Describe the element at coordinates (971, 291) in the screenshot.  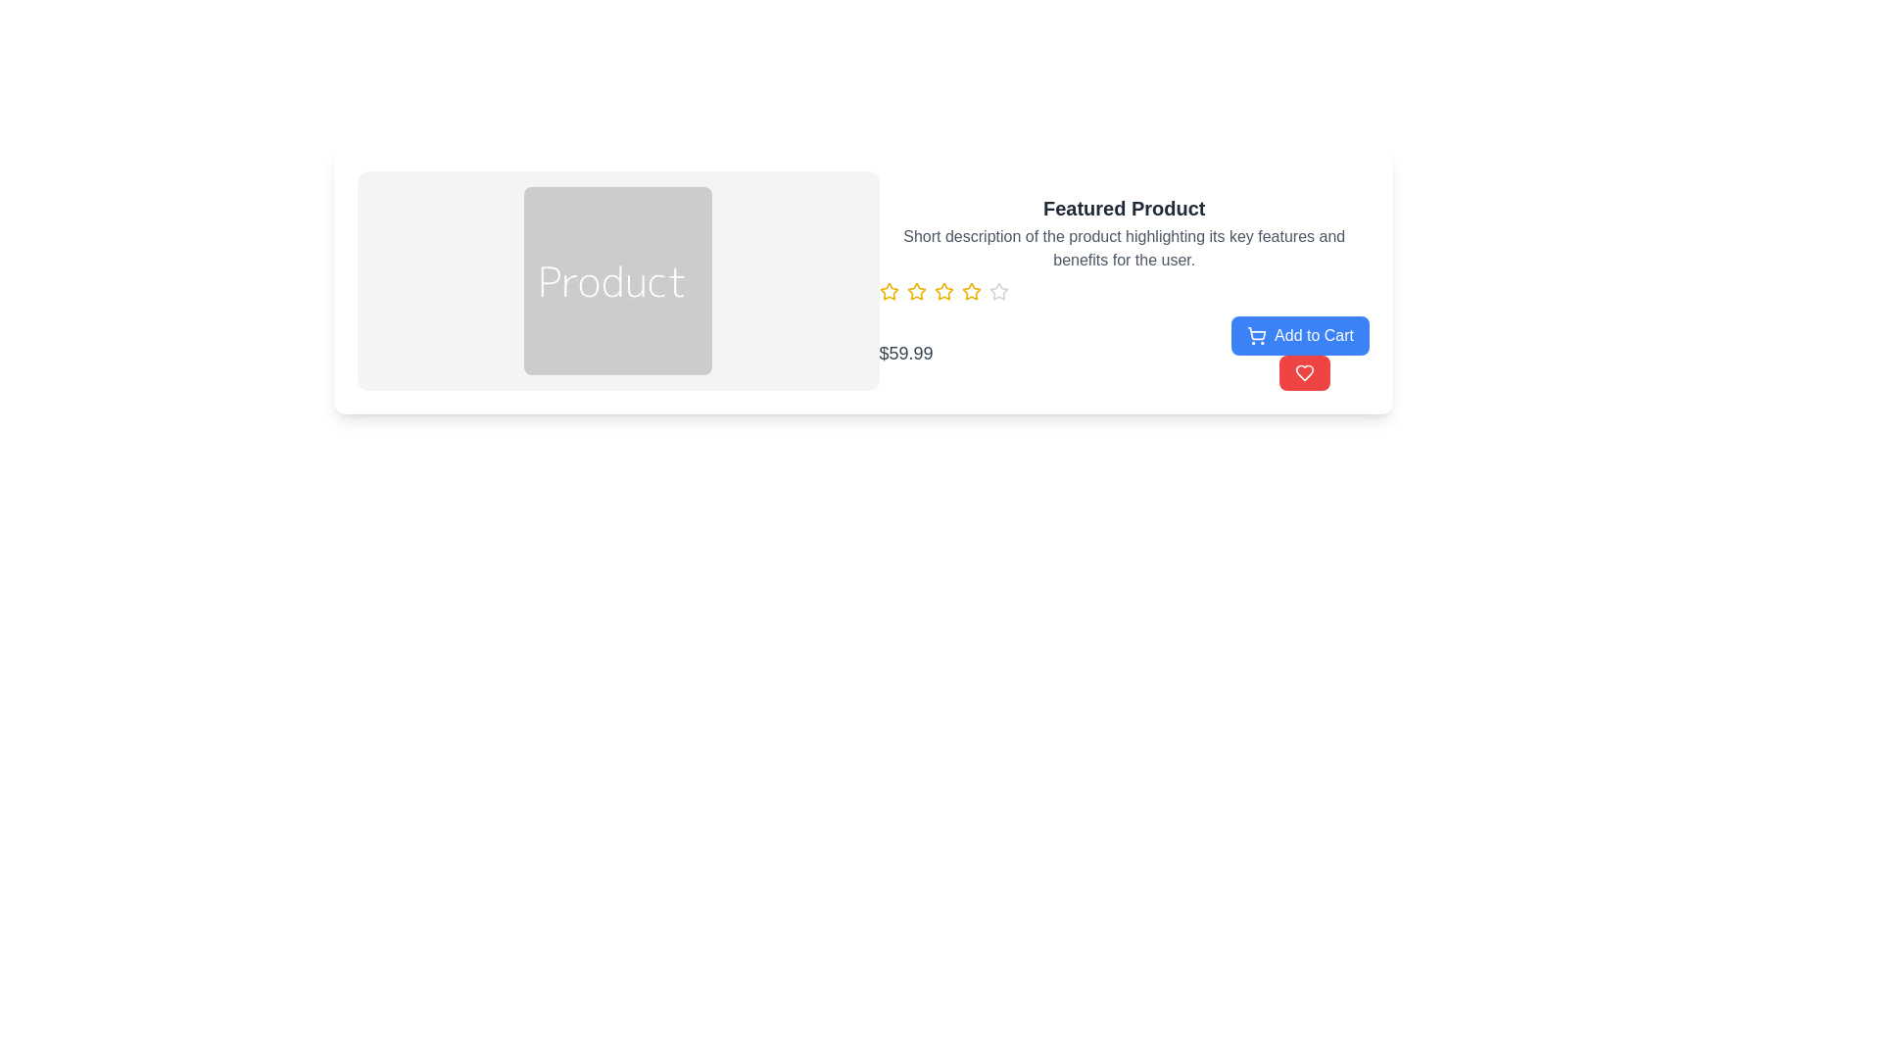
I see `the fourth star icon in the five-star rating system` at that location.